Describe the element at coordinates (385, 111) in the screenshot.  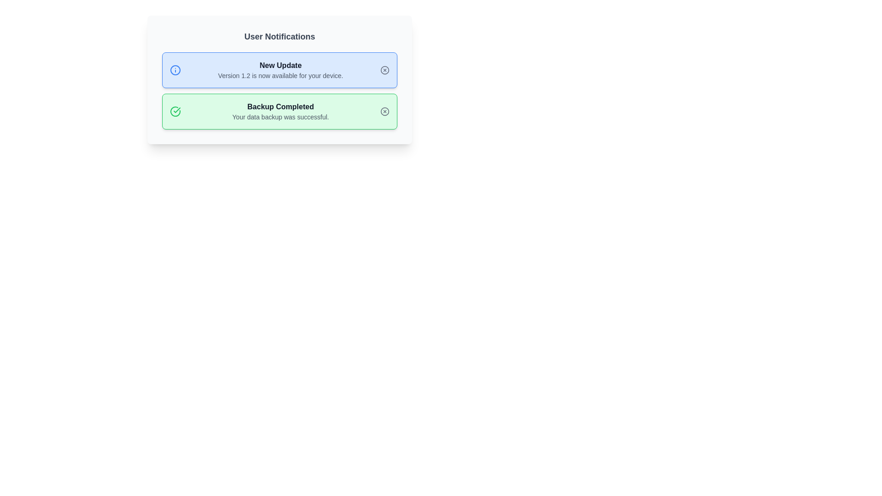
I see `the dismiss button located in the bottom right section of the 'Backup Completed' notification` at that location.